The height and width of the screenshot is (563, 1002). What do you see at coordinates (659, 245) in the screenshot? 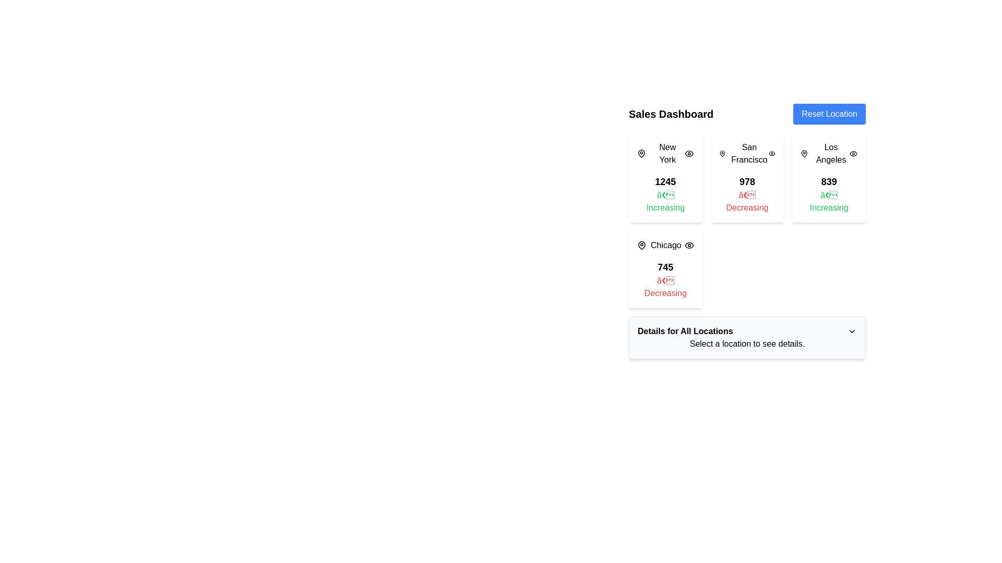
I see `the 'Chicago' text and map pin icon element` at bounding box center [659, 245].